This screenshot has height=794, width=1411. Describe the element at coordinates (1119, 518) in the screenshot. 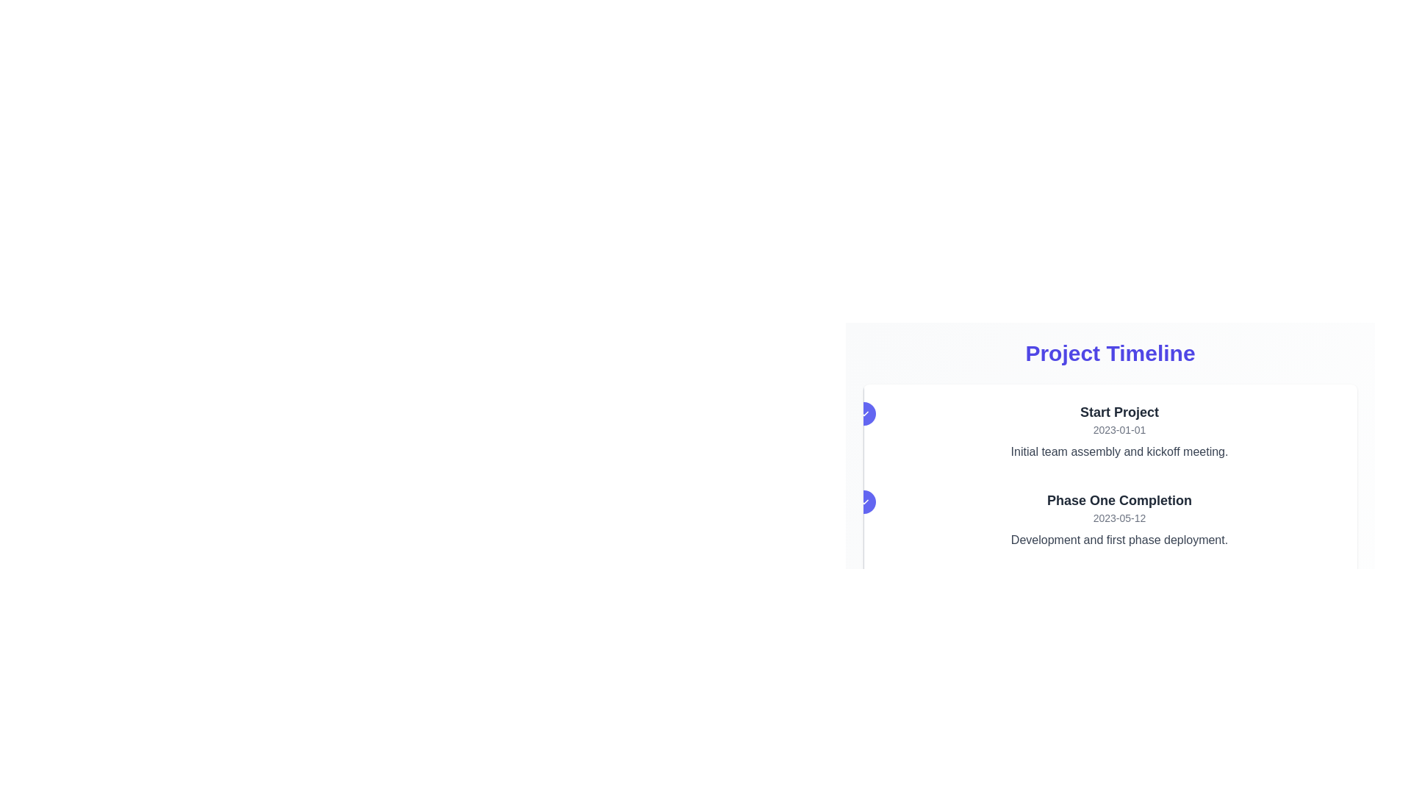

I see `the second entry in the timeline displaying 'Phase One Completion', which includes the date '2023-05-12' and description 'Development and first phase deployment.'` at that location.